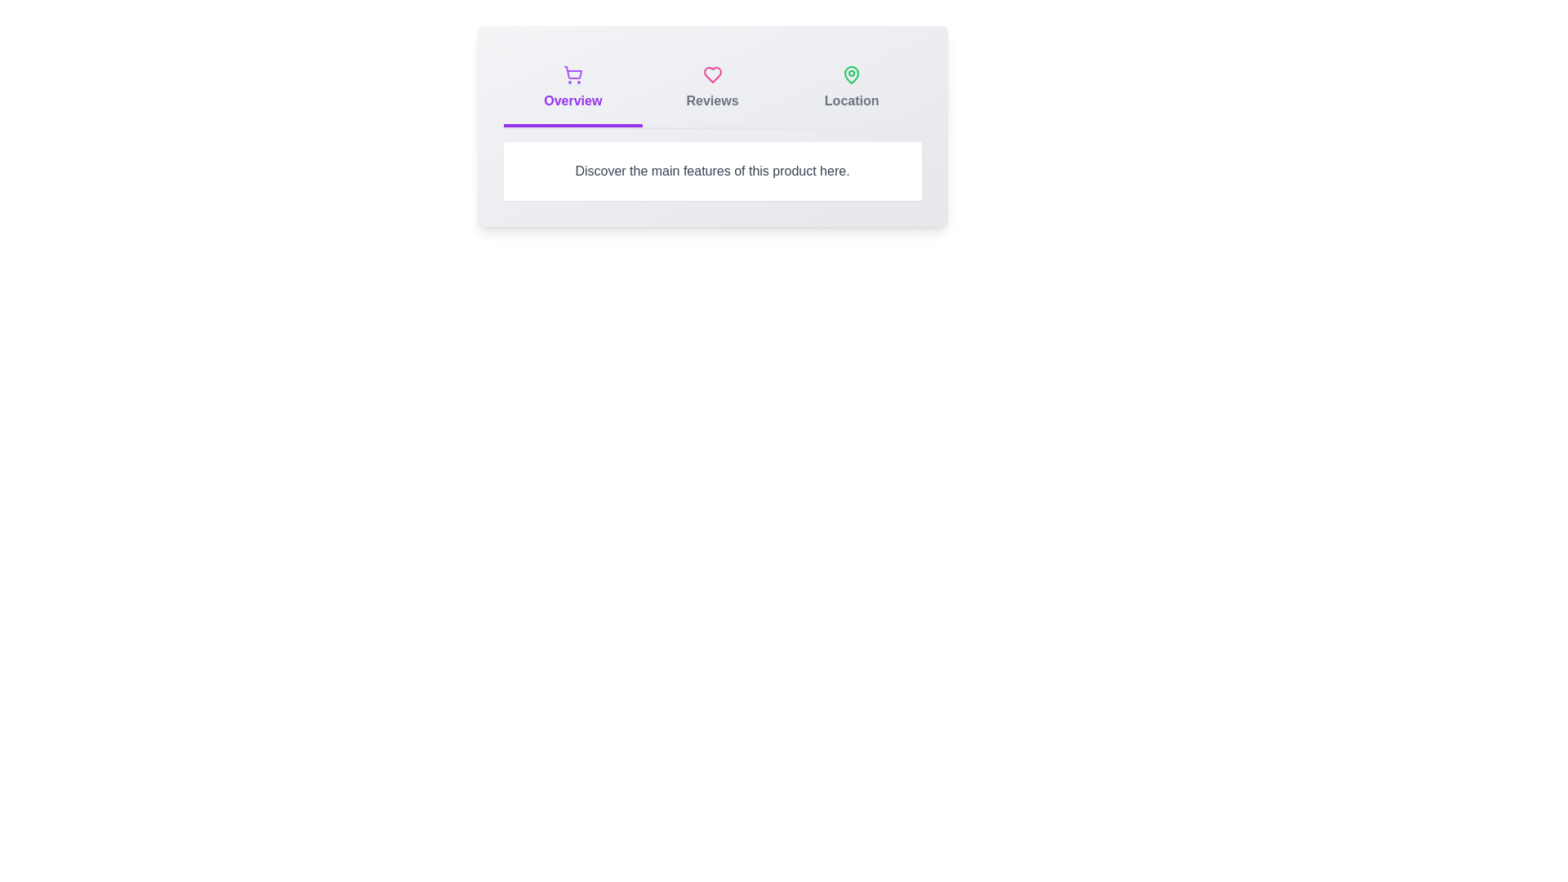  Describe the element at coordinates (572, 90) in the screenshot. I see `the tab labeled Overview to switch to the corresponding tab` at that location.